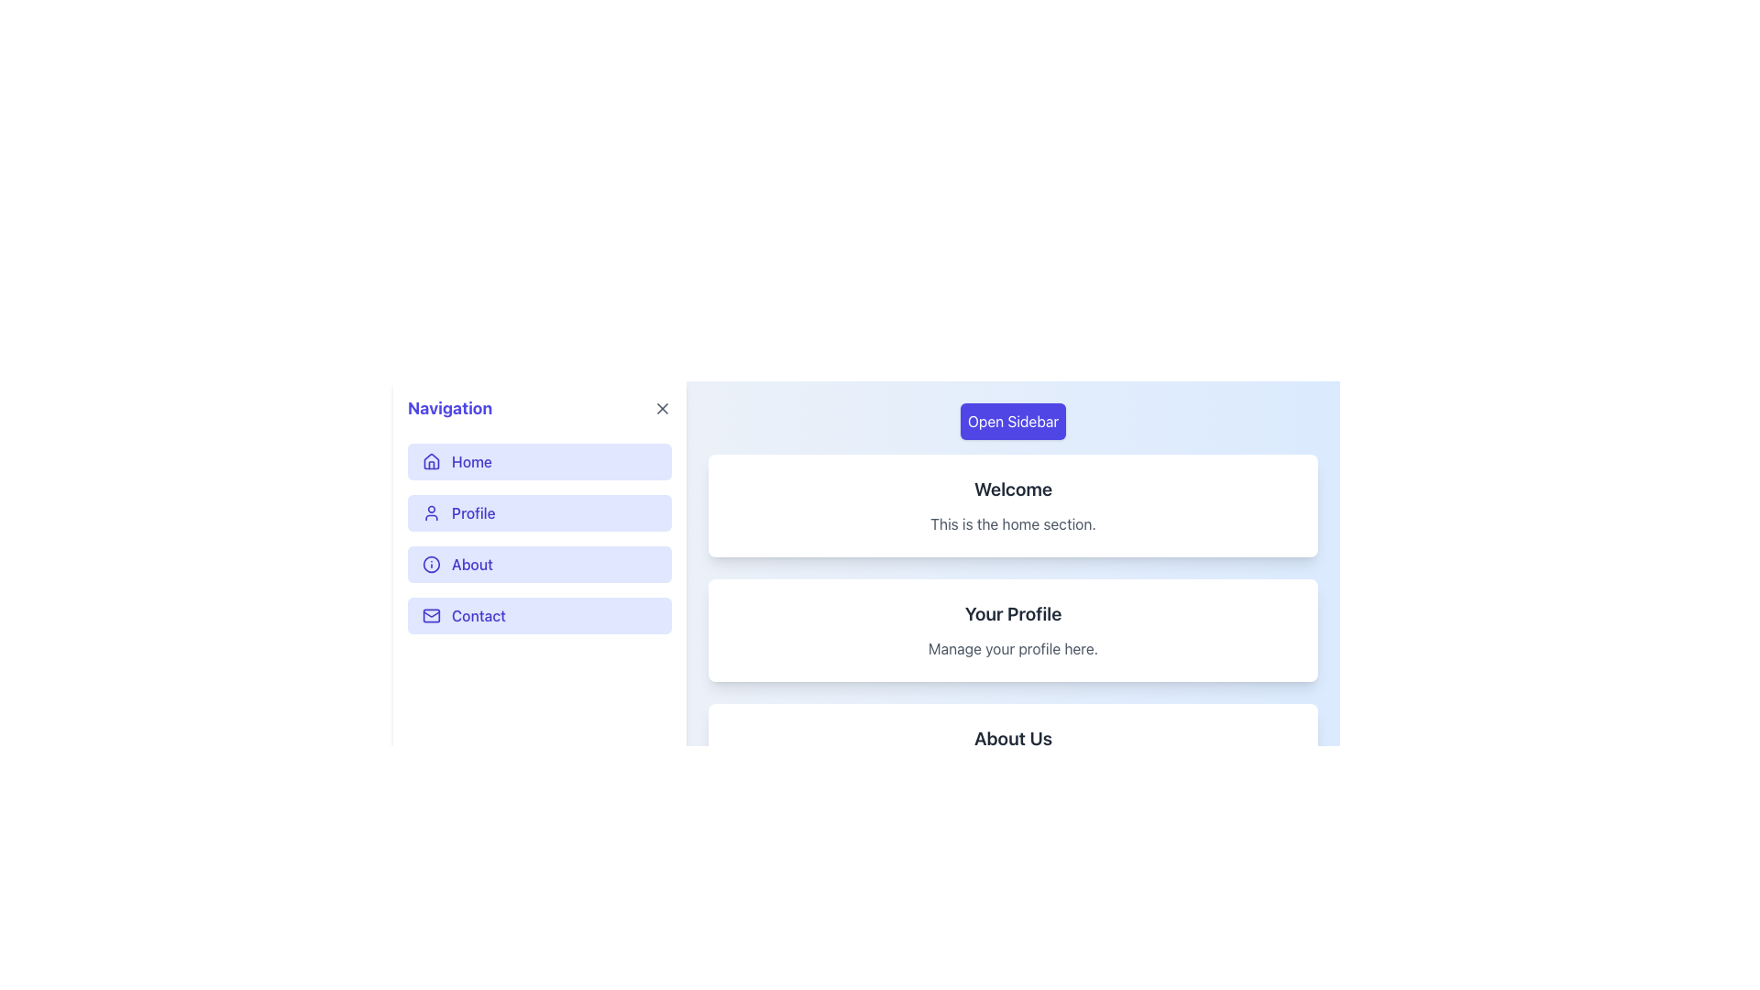 Image resolution: width=1760 pixels, height=990 pixels. What do you see at coordinates (430, 564) in the screenshot?
I see `the 'About' icon in the navigation menu, which serves as a visual aid next to the text label 'About'` at bounding box center [430, 564].